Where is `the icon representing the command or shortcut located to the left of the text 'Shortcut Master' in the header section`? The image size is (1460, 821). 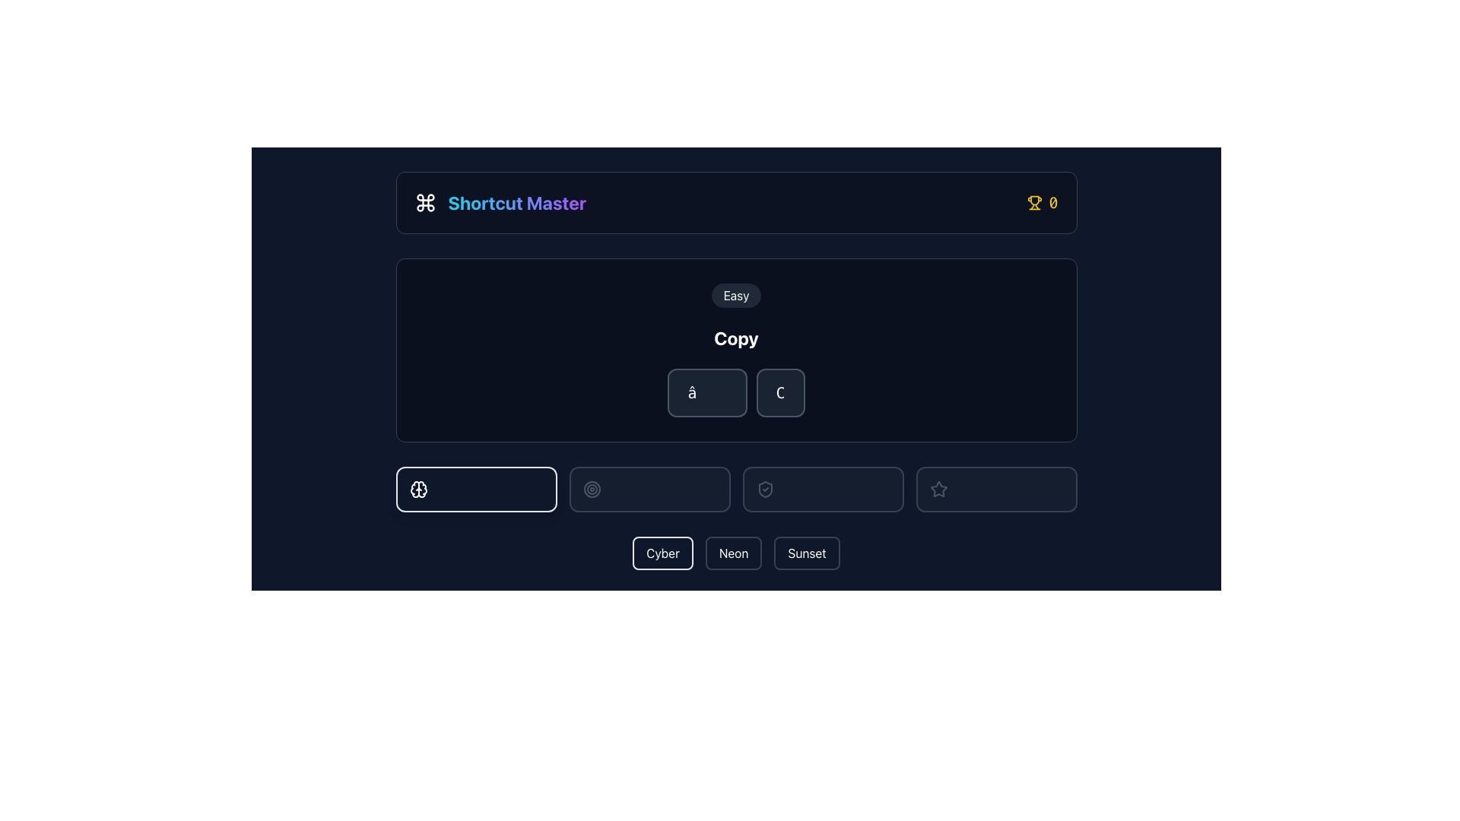
the icon representing the command or shortcut located to the left of the text 'Shortcut Master' in the header section is located at coordinates (425, 201).